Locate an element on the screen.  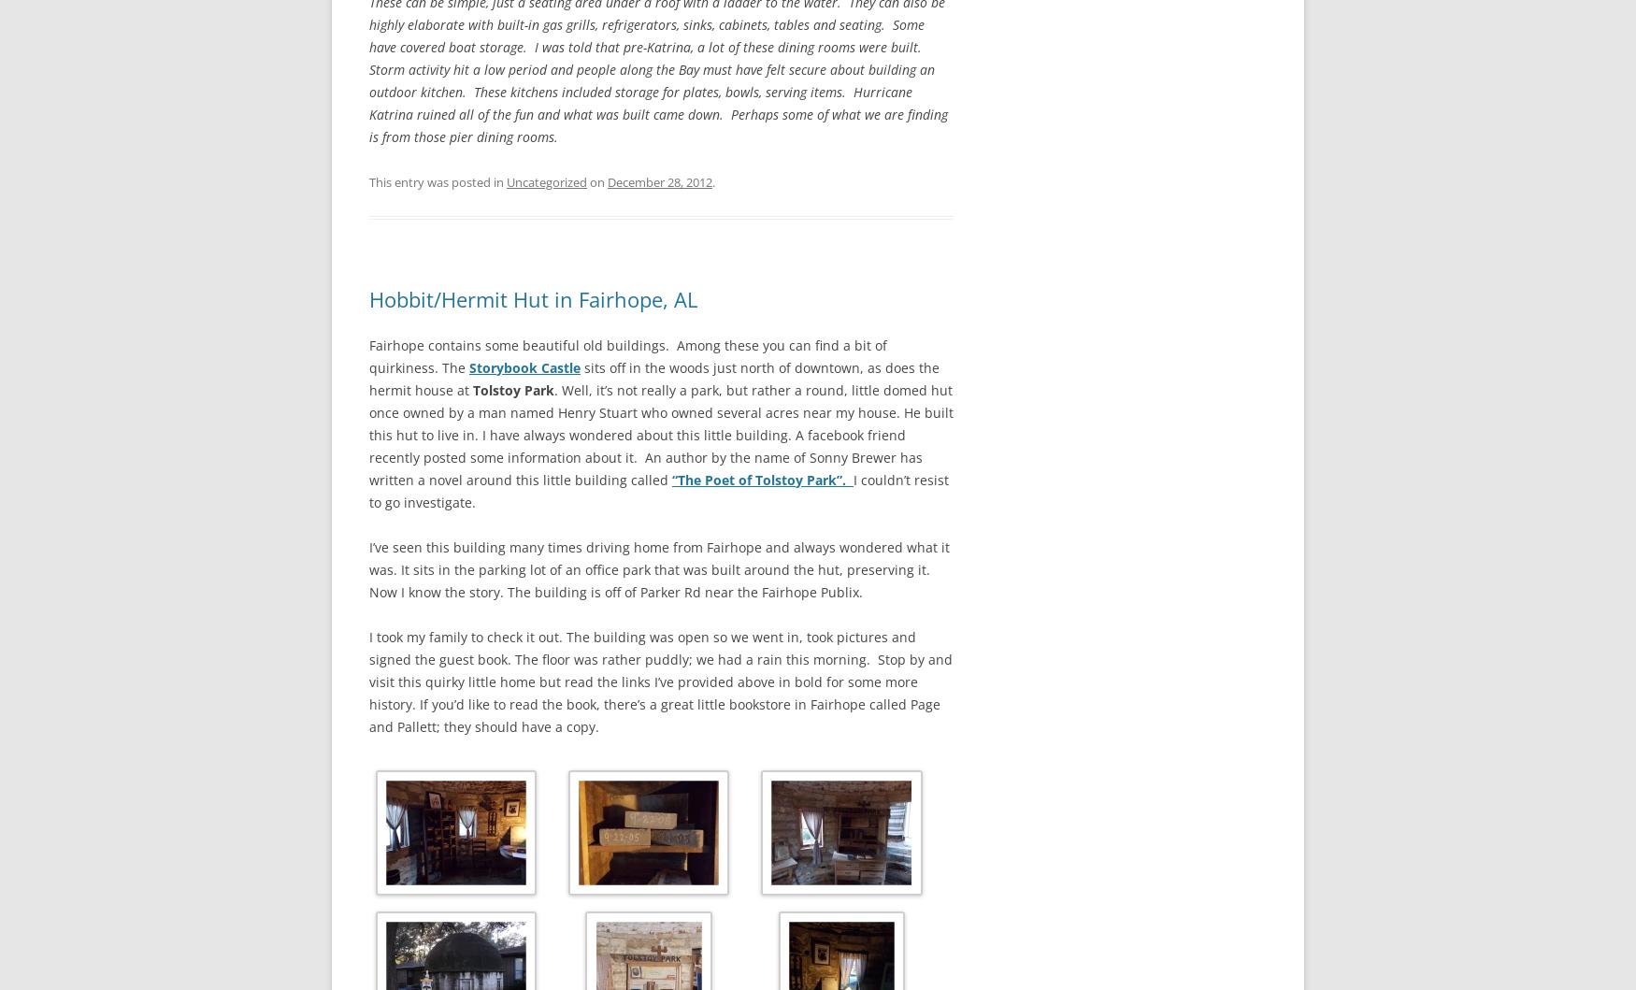
'This entry was posted in' is located at coordinates (438, 180).